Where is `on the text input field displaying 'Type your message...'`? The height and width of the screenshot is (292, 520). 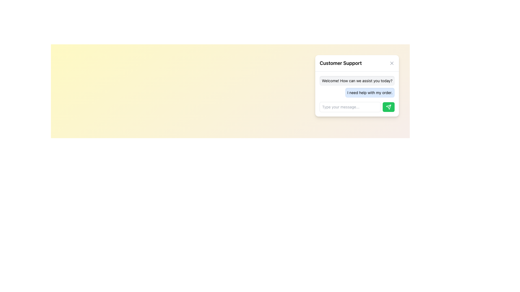 on the text input field displaying 'Type your message...' is located at coordinates (350, 107).